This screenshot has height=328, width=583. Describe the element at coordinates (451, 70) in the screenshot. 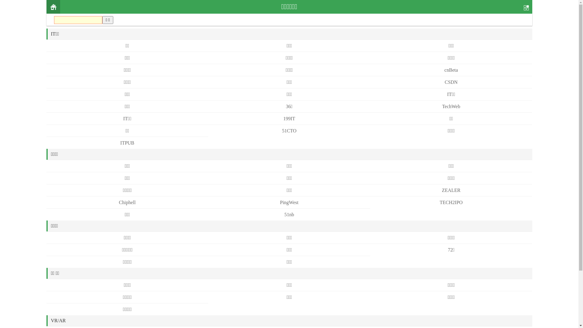

I see `'cnBeta'` at that location.